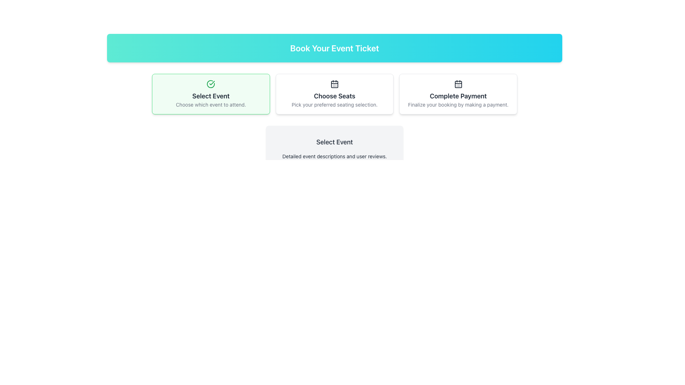 The width and height of the screenshot is (685, 385). Describe the element at coordinates (334, 93) in the screenshot. I see `the clickable card element that allows users` at that location.